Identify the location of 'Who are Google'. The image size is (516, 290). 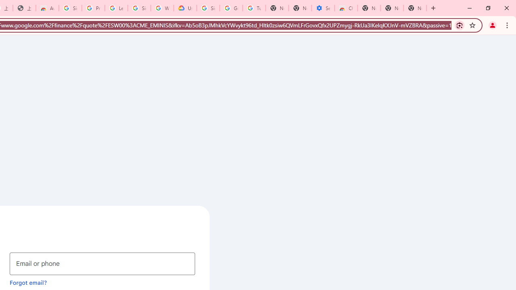
(162, 8).